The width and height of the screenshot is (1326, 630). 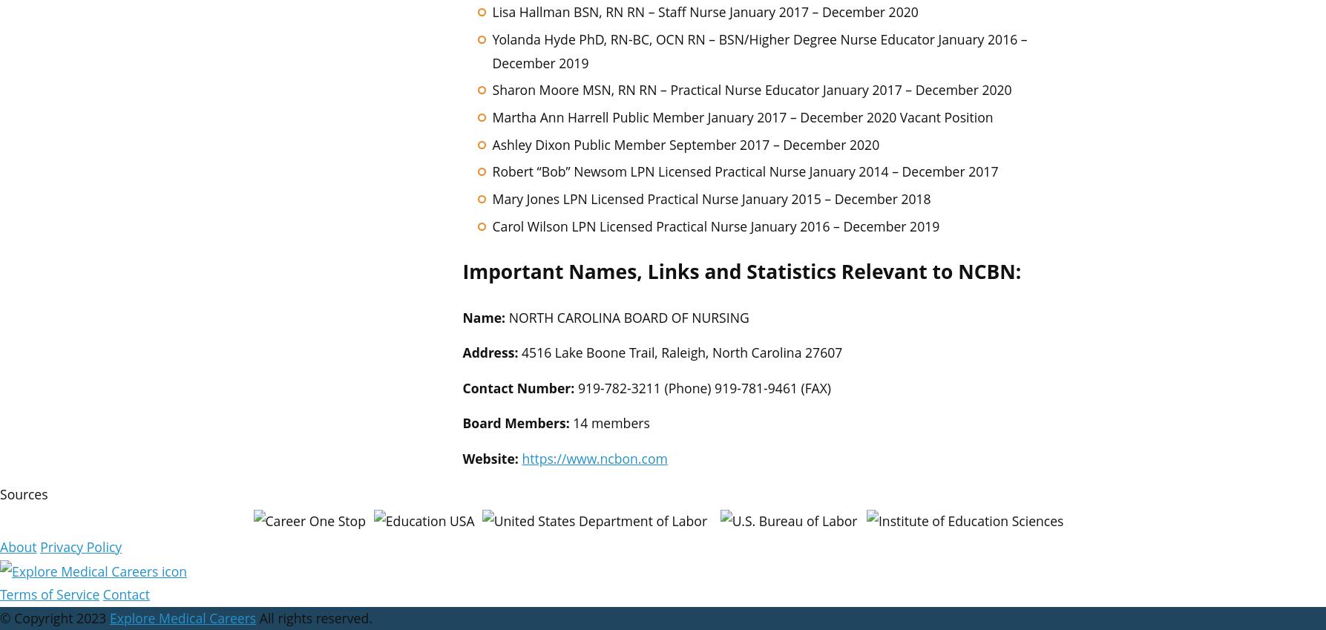 I want to click on 'Yolanda Hyde PhD, RN-BC, OCN RN – BSN/Higher Degree Nurse Educator January 2016 – December 2019', so click(x=758, y=50).